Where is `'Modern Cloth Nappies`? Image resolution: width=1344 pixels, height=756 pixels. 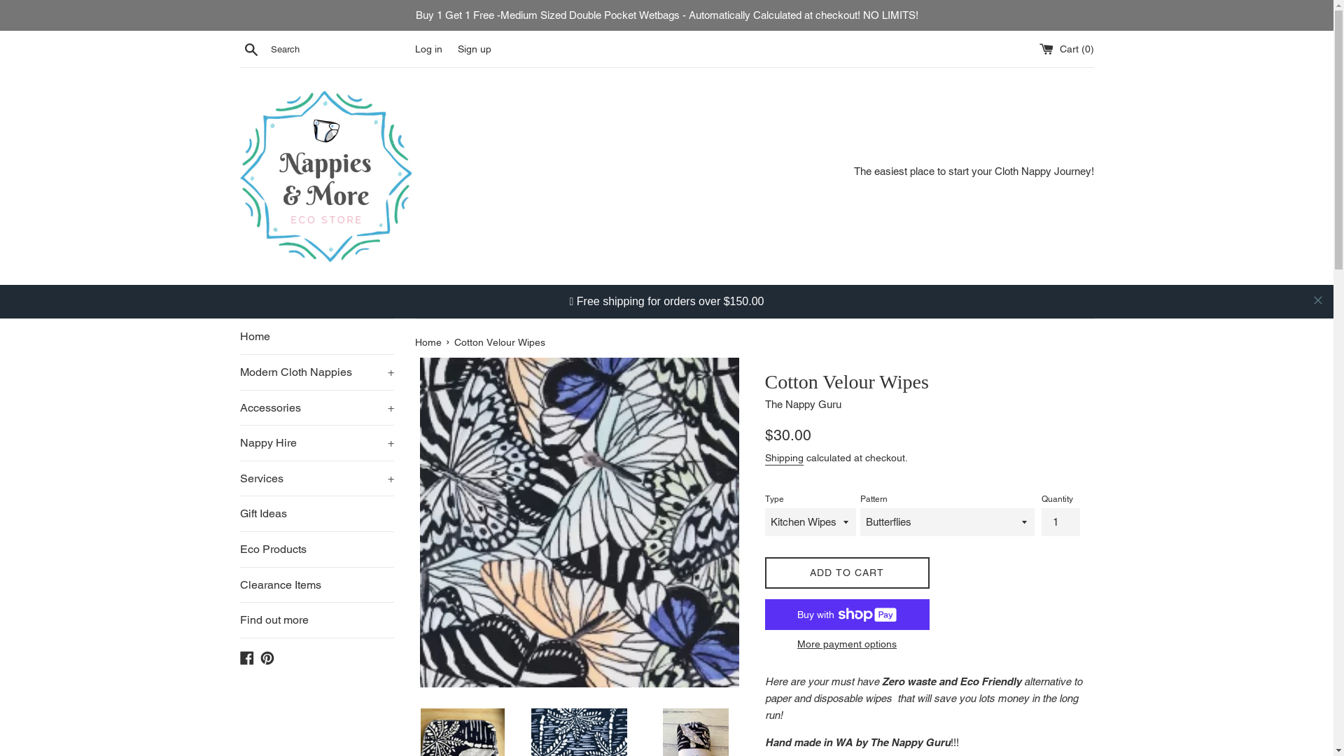
'Modern Cloth Nappies is located at coordinates (315, 338).